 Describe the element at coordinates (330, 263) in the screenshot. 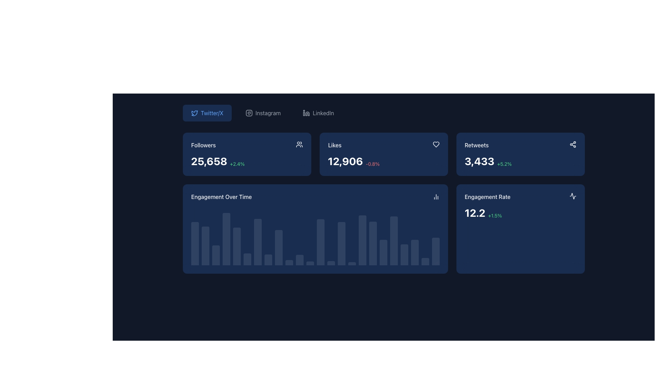

I see `bar element representing a data point in the bar chart located at the bottom center of the interface` at that location.